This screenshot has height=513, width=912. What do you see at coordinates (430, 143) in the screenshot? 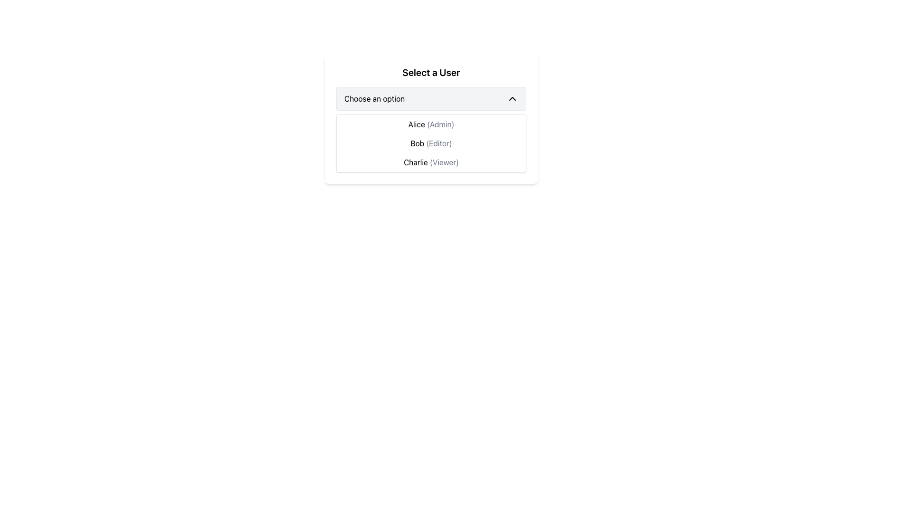
I see `a user name in the dropdown menu located below the 'Choose an option' button in the 'Select a User' section` at bounding box center [430, 143].